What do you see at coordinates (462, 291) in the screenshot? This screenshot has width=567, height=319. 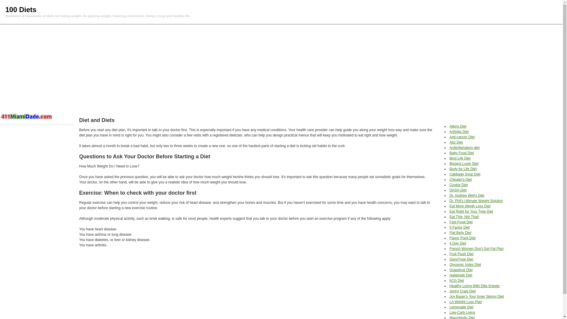 I see `'Jenny Craig Diet'` at bounding box center [462, 291].